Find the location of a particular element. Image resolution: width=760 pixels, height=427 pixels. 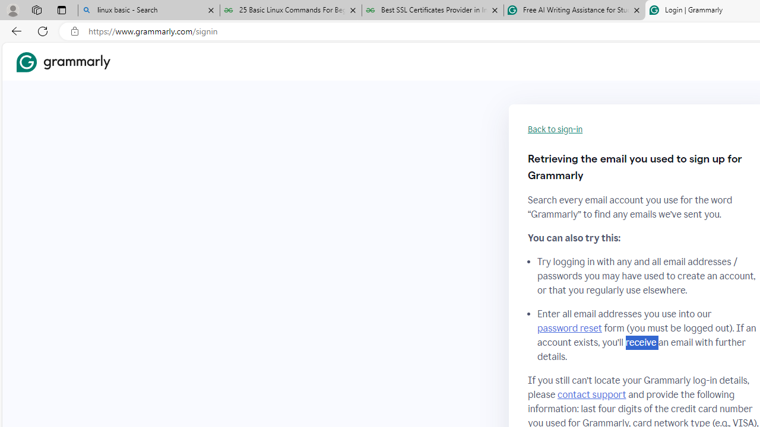

'Grammarly Home' is located at coordinates (62, 62).